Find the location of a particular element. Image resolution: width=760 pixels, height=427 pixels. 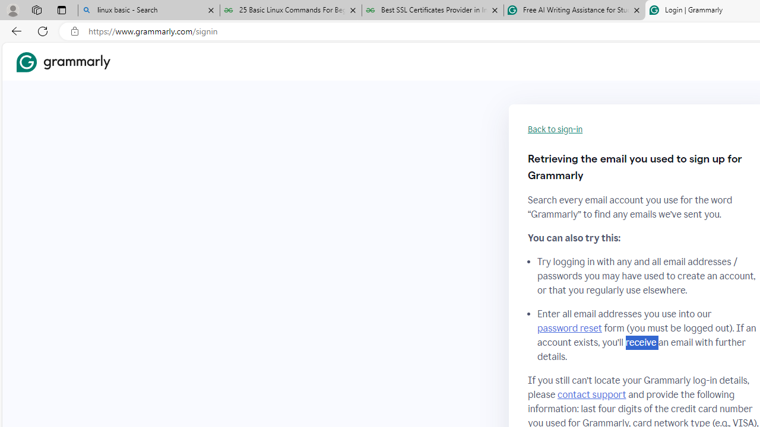

'Grammarly Home' is located at coordinates (62, 62).